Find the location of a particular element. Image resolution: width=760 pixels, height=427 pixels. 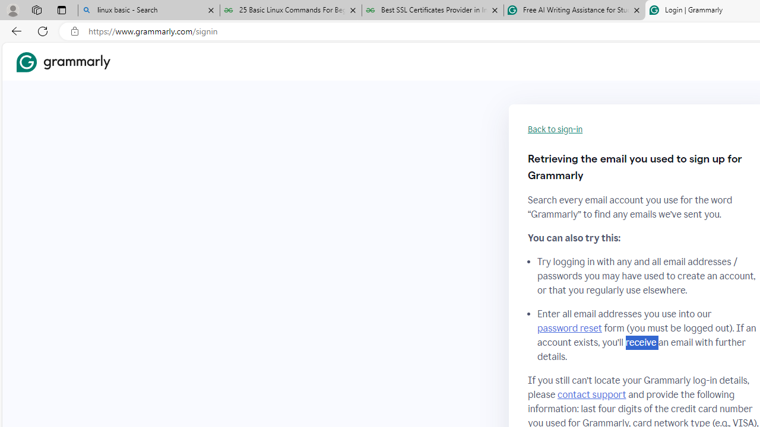

'Grammarly Home' is located at coordinates (62, 62).